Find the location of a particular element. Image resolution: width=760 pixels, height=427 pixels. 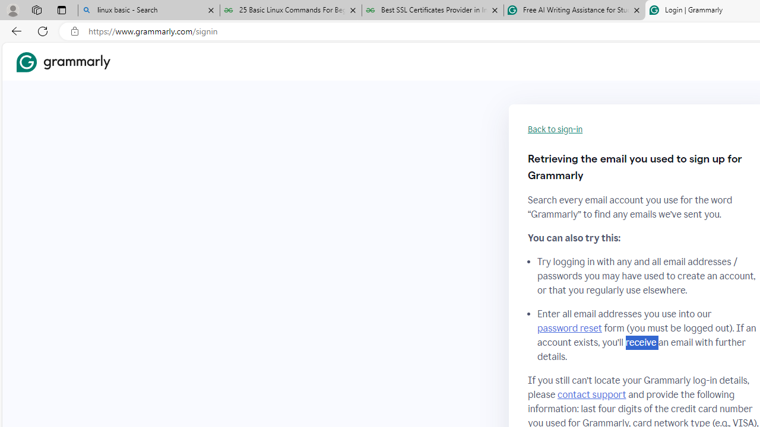

'Grammarly Home' is located at coordinates (62, 62).